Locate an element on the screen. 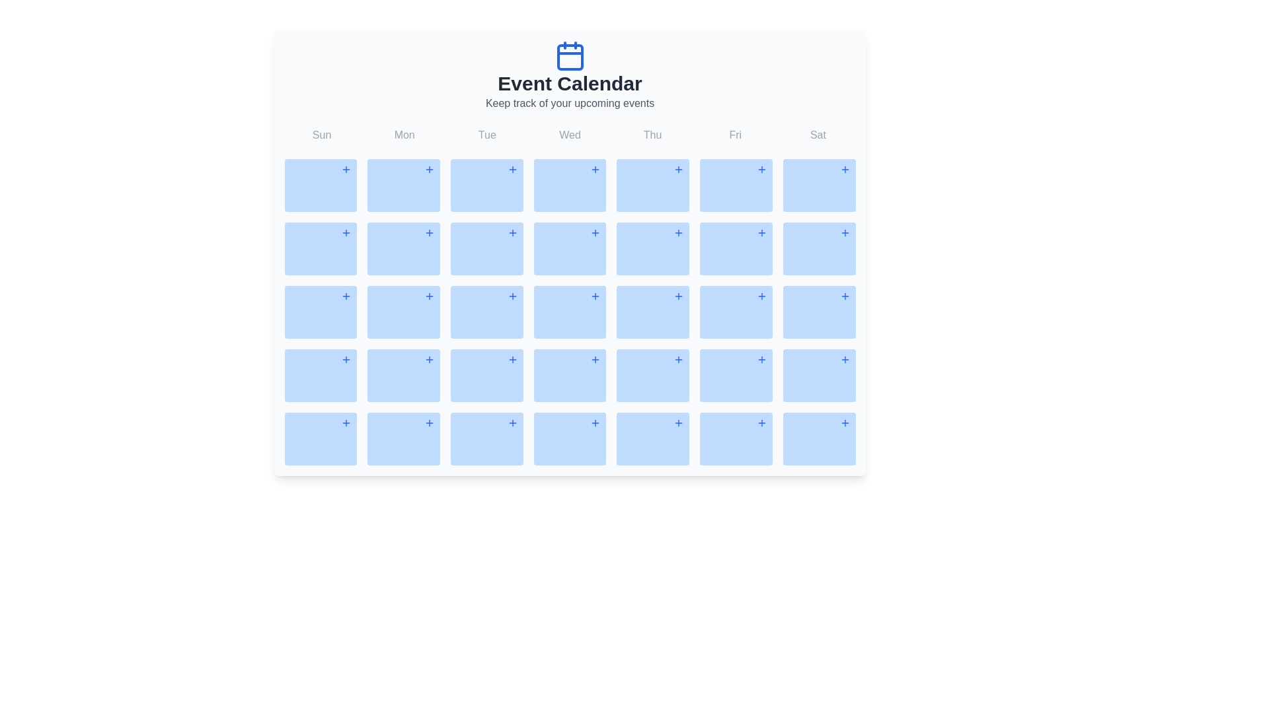  the text label representing 'Saturday' in the calendar interface, located at the top-right corner of the grid layout is located at coordinates (818, 135).